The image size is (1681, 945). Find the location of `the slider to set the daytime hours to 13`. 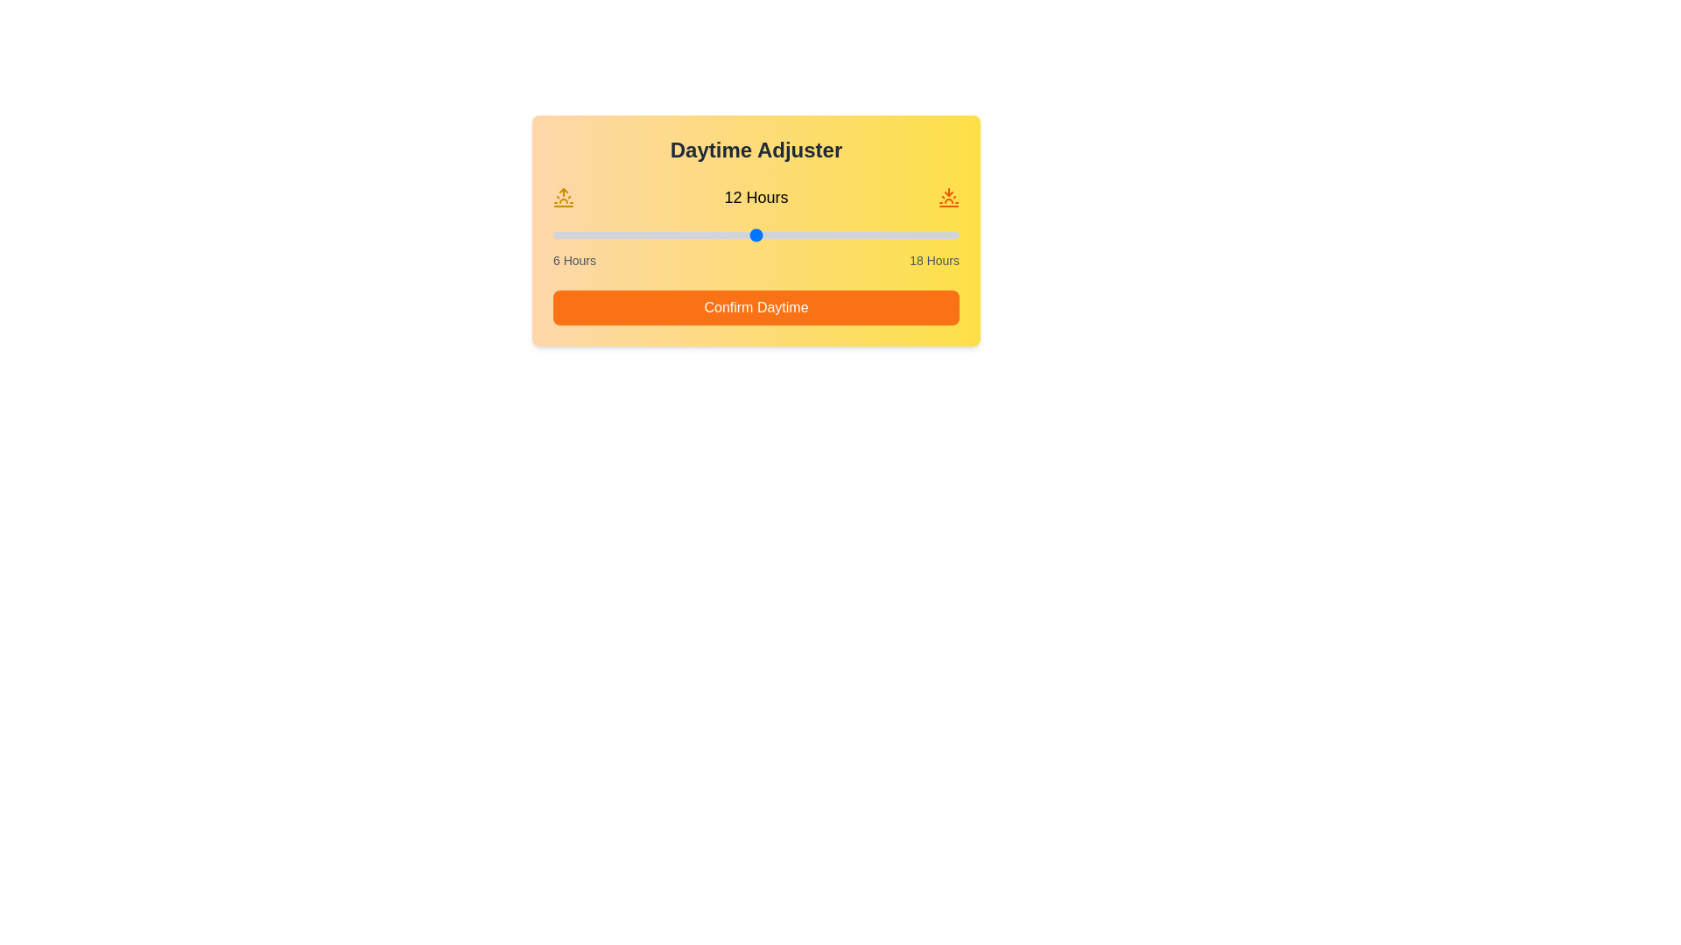

the slider to set the daytime hours to 13 is located at coordinates (789, 234).